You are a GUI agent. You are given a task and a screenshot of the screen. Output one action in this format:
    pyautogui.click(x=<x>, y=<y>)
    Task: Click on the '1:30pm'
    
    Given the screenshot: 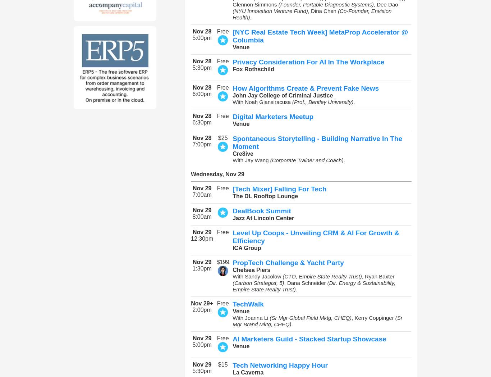 What is the action you would take?
    pyautogui.click(x=202, y=268)
    